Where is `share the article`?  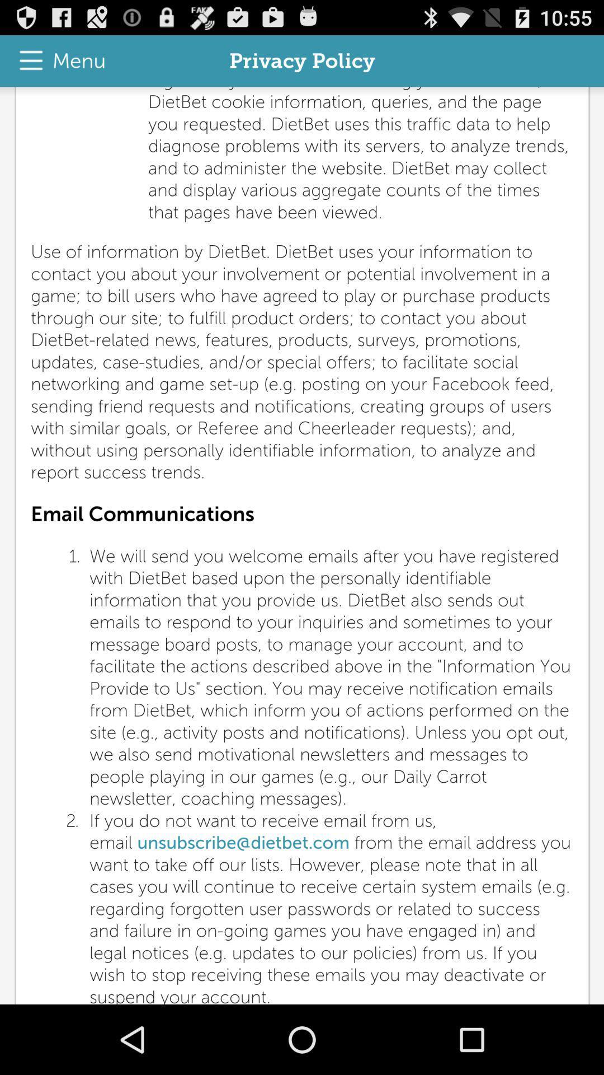 share the article is located at coordinates (302, 545).